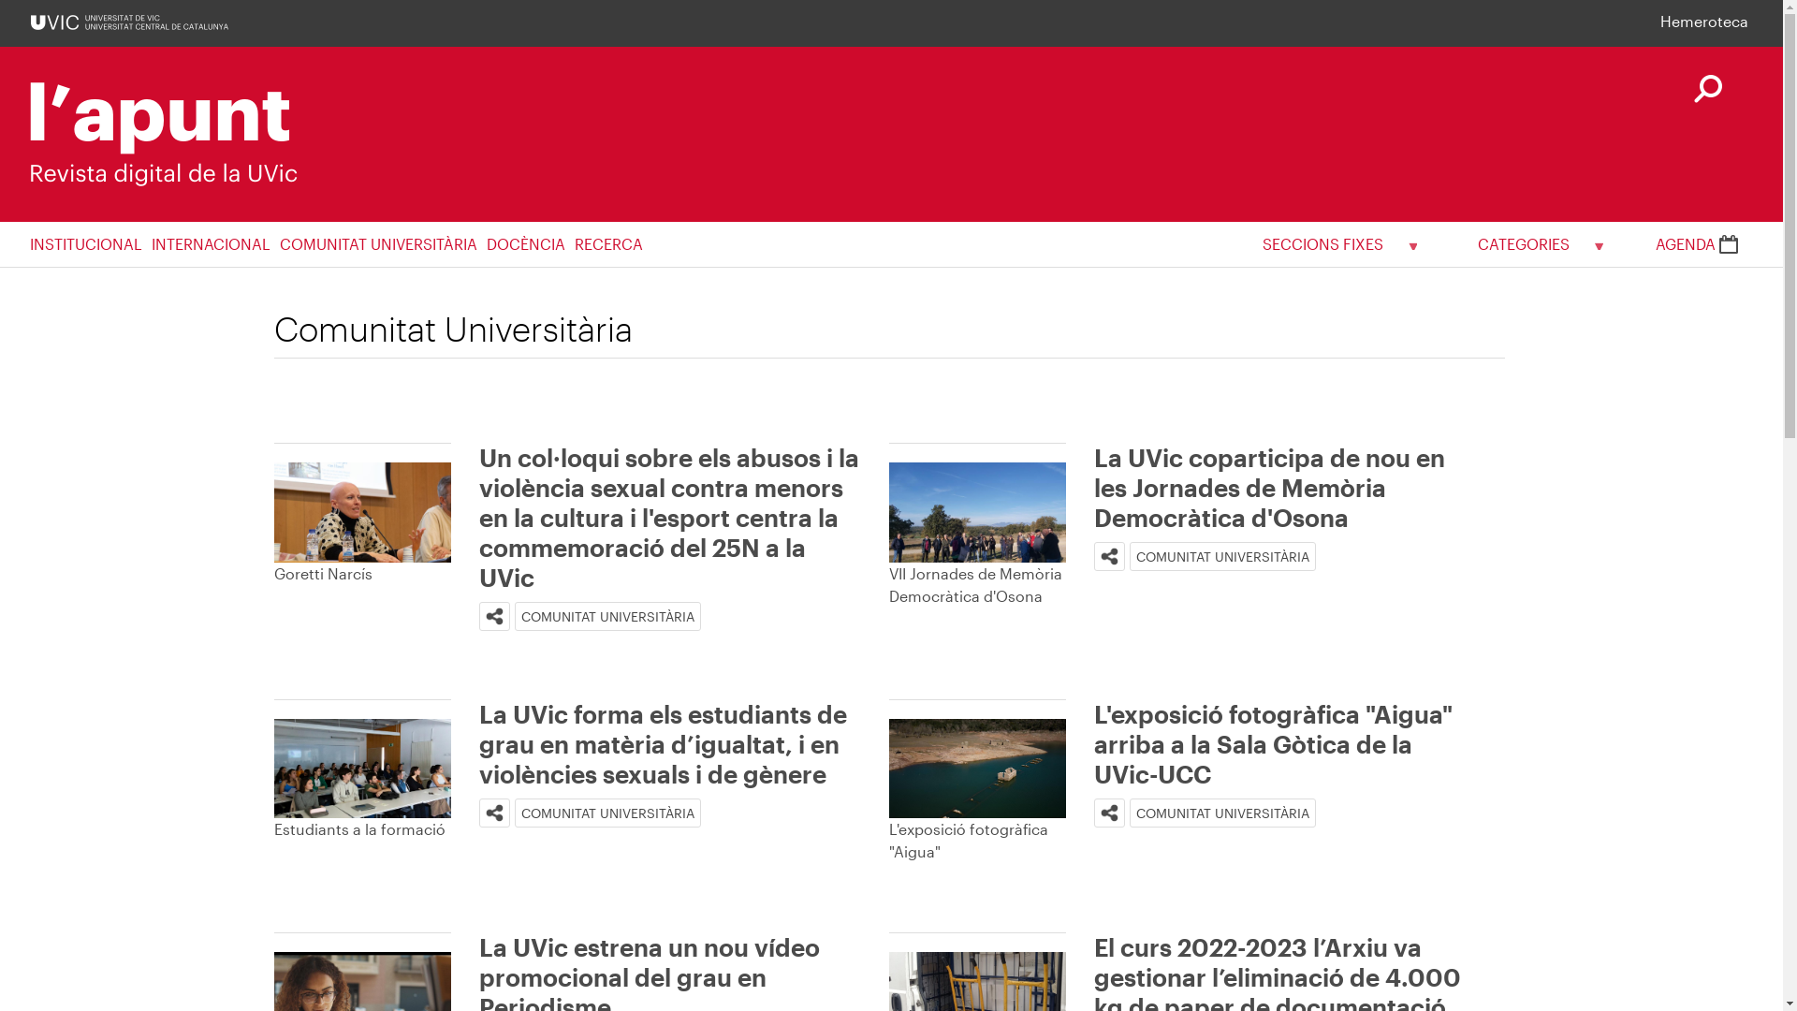 Image resolution: width=1797 pixels, height=1011 pixels. What do you see at coordinates (128, 22) in the screenshot?
I see `'www.uvic.cat'` at bounding box center [128, 22].